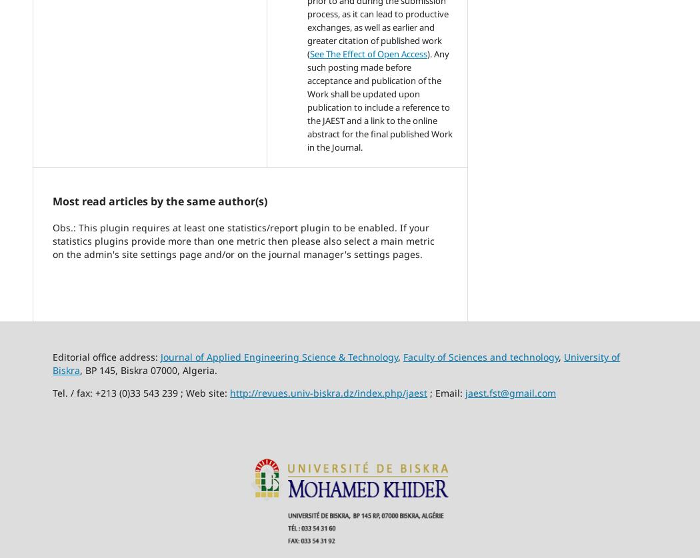  What do you see at coordinates (79, 369) in the screenshot?
I see `', BP 145, Biskra 07000, Algeria.'` at bounding box center [79, 369].